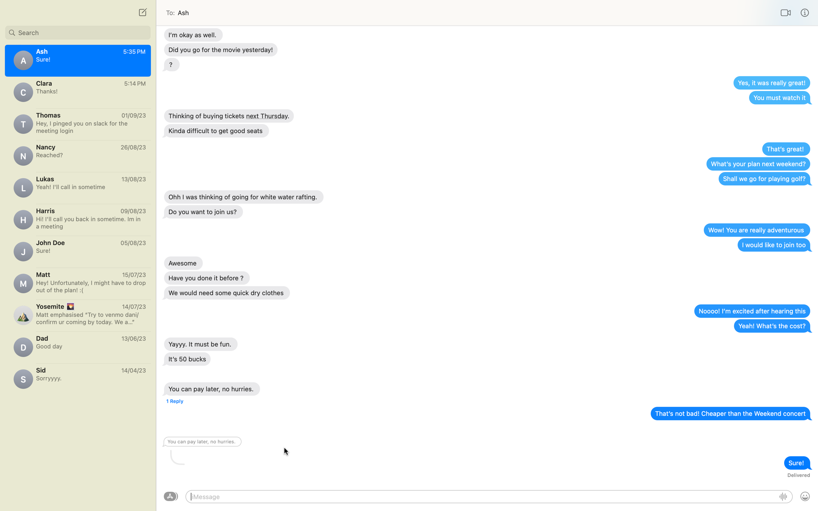 This screenshot has height=511, width=818. I want to click on right-click function for the text "Yeah, what"s the cost?, so click(772, 326).